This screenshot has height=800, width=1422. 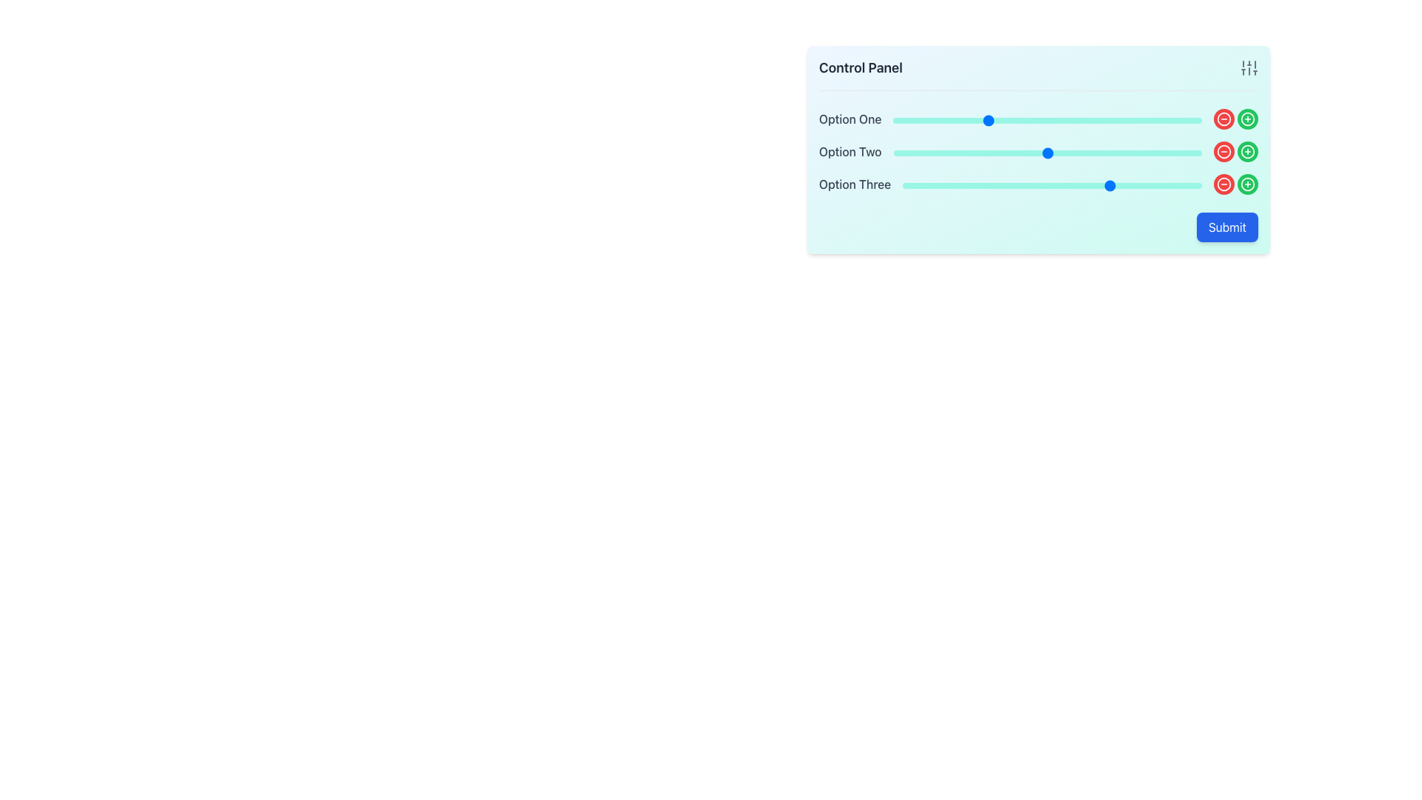 What do you see at coordinates (1072, 119) in the screenshot?
I see `the slider` at bounding box center [1072, 119].